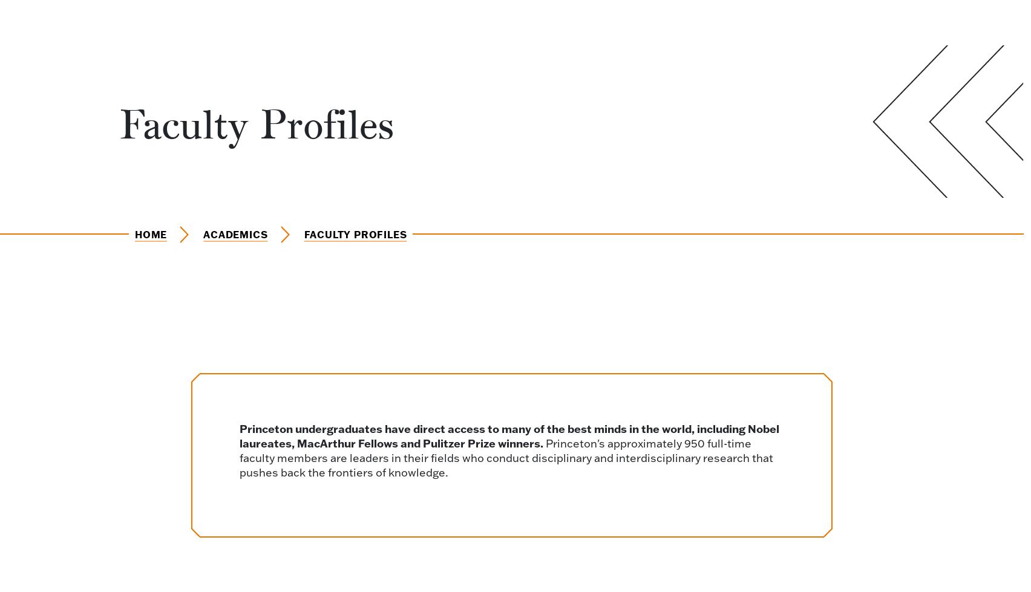 This screenshot has width=1031, height=592. I want to click on 'David MacMillan', so click(462, 45).